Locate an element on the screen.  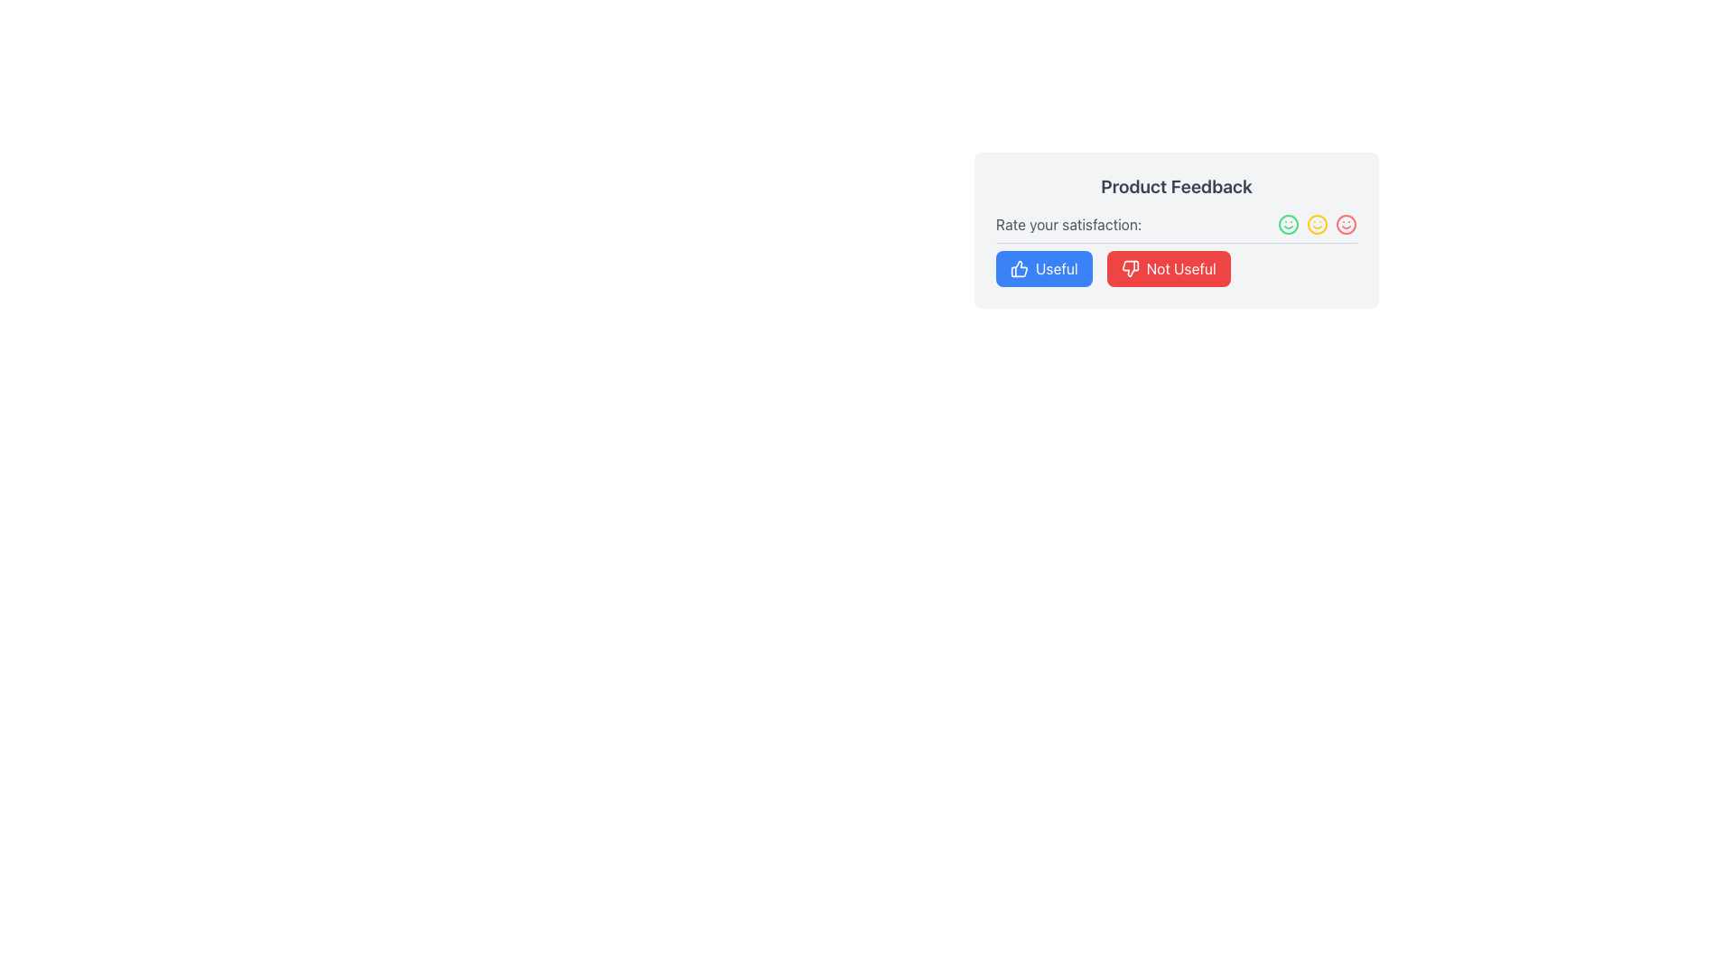
the first button below the 'Rate your satisfaction' text to indicate positive feedback is located at coordinates (1044, 268).